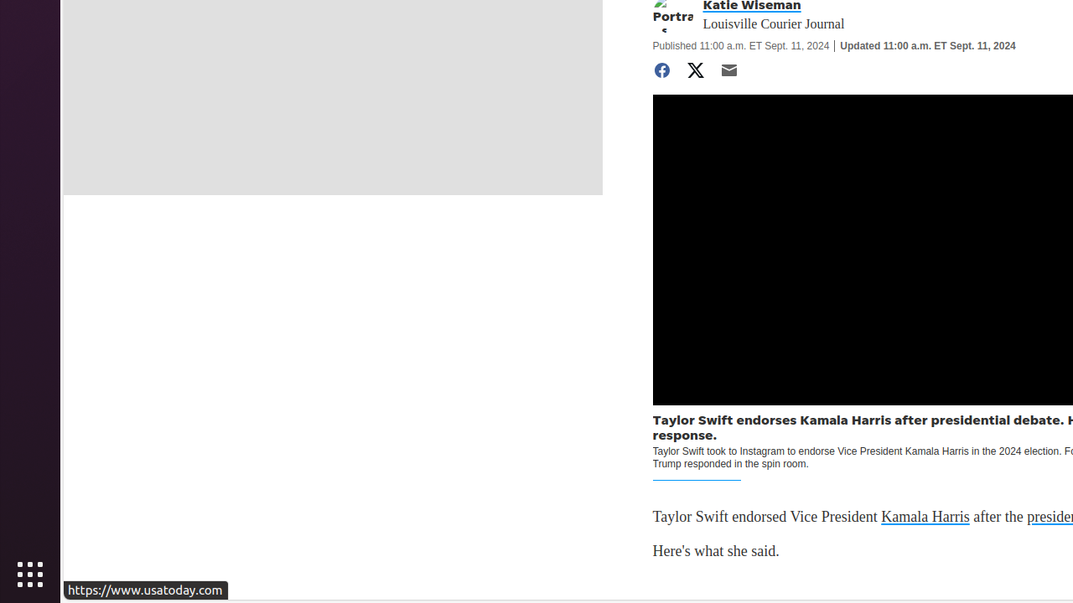 This screenshot has width=1073, height=603. I want to click on 'Share by email', so click(728, 70).